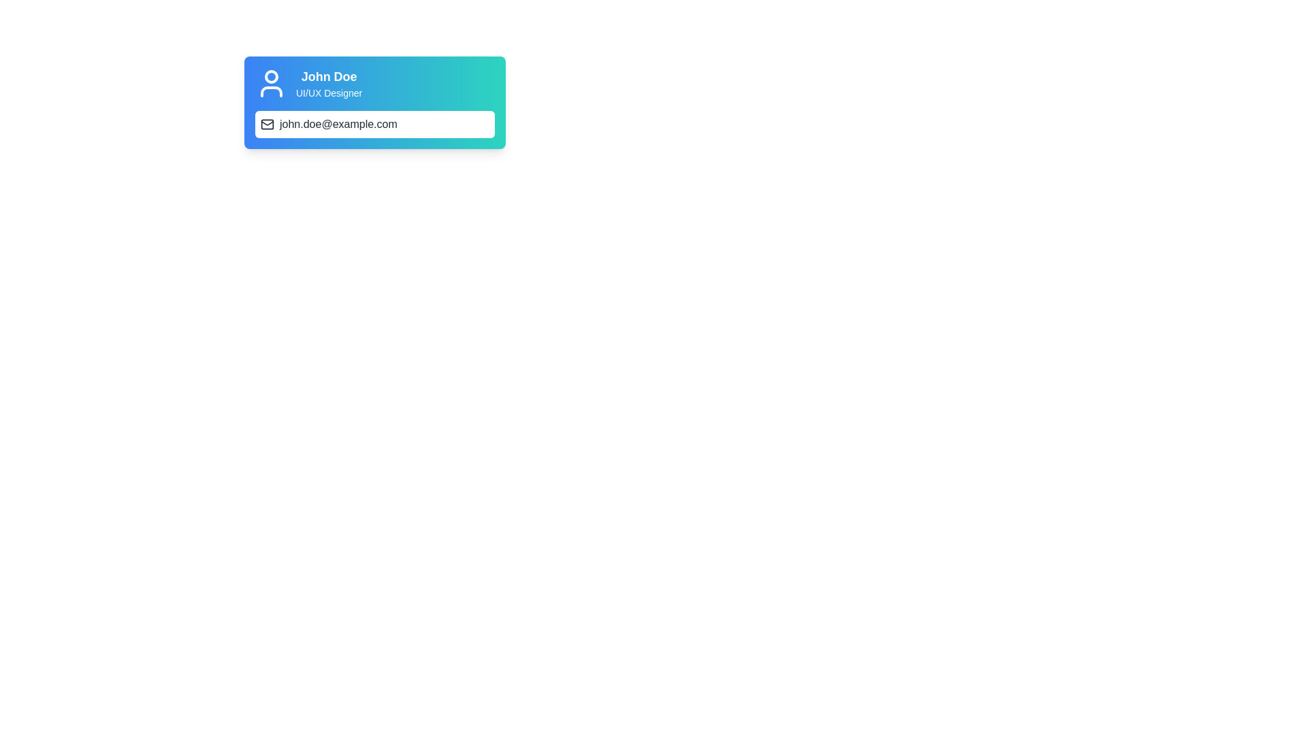 The height and width of the screenshot is (735, 1307). Describe the element at coordinates (268, 123) in the screenshot. I see `the bottom angle of the envelope icon within the mail icon on the user information card, which is aligned to the left of the email address field` at that location.